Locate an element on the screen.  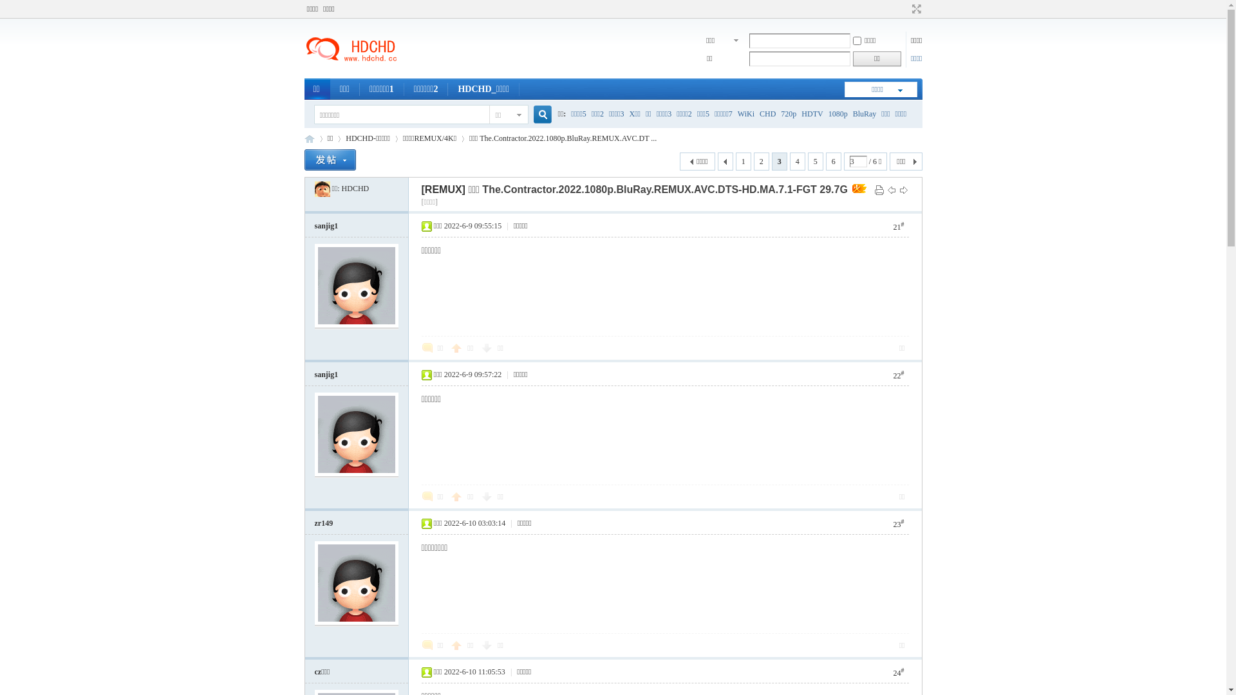
'720p' is located at coordinates (787, 113).